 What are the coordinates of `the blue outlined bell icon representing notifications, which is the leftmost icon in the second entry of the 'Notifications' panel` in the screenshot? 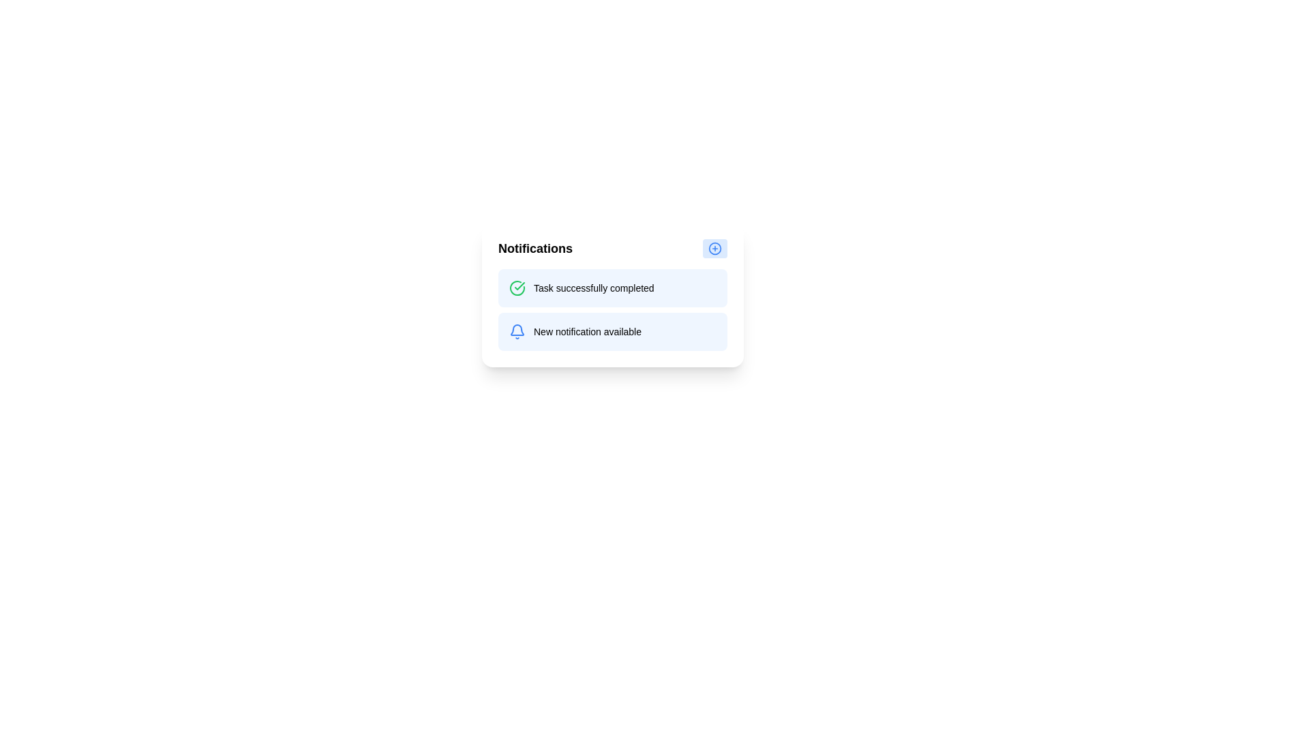 It's located at (516, 331).